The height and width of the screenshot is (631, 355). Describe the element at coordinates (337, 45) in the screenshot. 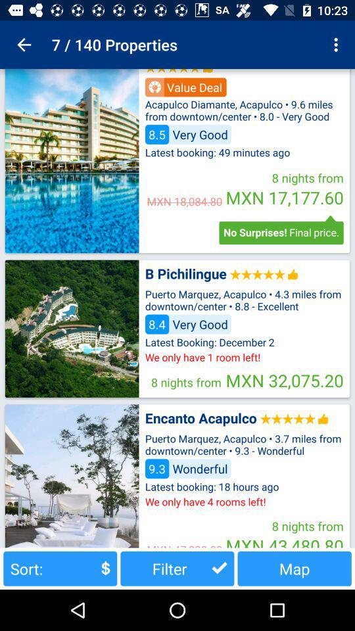

I see `the app next to the 7 / 140 properties app` at that location.